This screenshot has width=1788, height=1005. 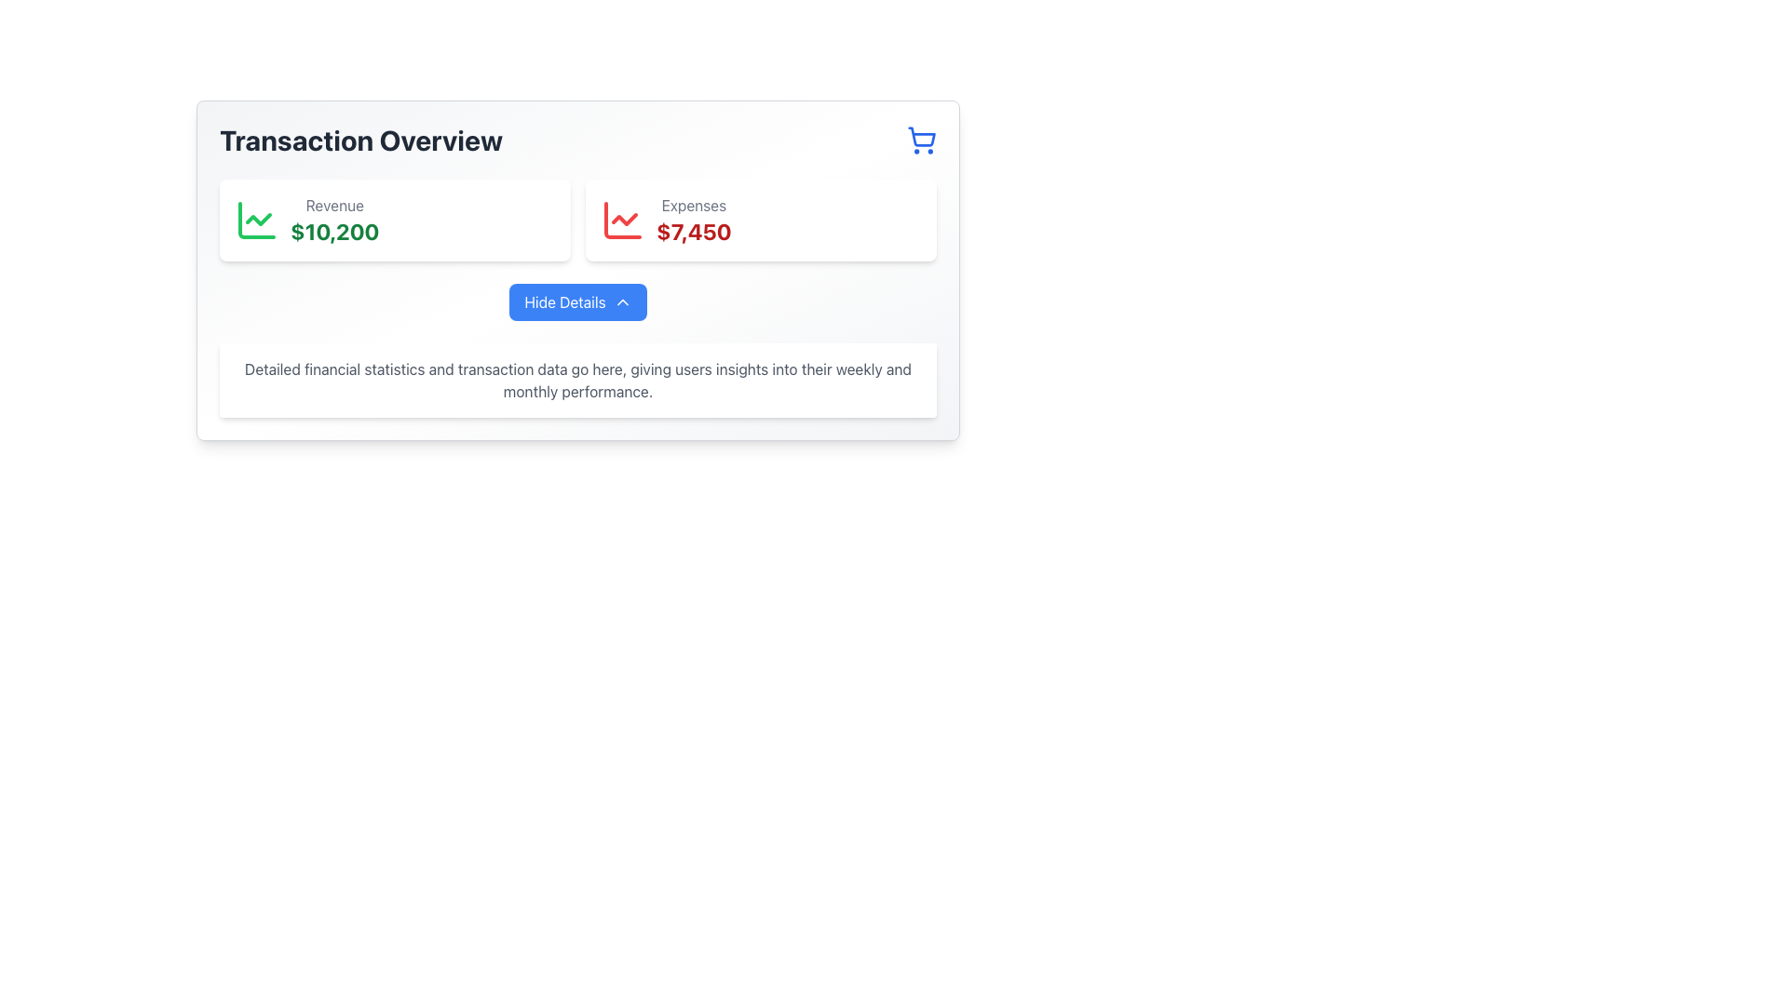 What do you see at coordinates (576, 379) in the screenshot?
I see `the Informational Text Box that displays detailed financial statistics and transaction data, located beneath the 'Hide Details' button` at bounding box center [576, 379].